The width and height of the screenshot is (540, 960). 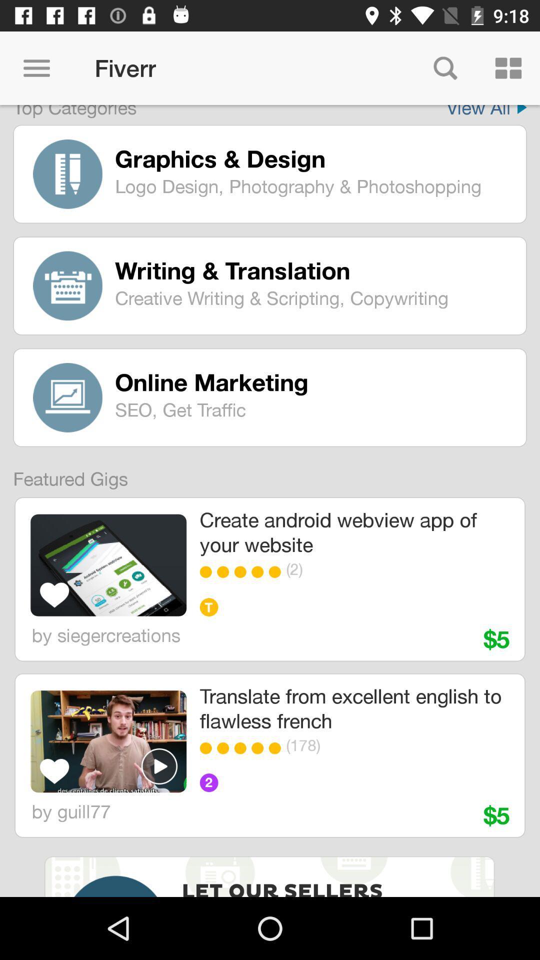 What do you see at coordinates (108, 565) in the screenshot?
I see `item below featured gigs icon` at bounding box center [108, 565].